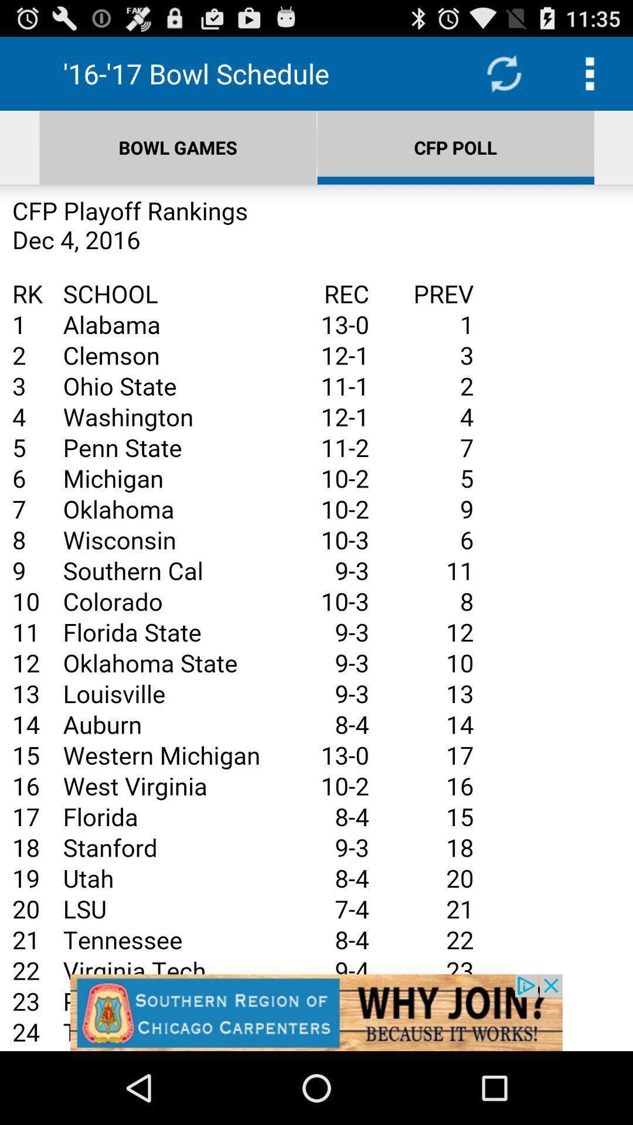 This screenshot has height=1125, width=633. I want to click on account using in name, so click(316, 617).